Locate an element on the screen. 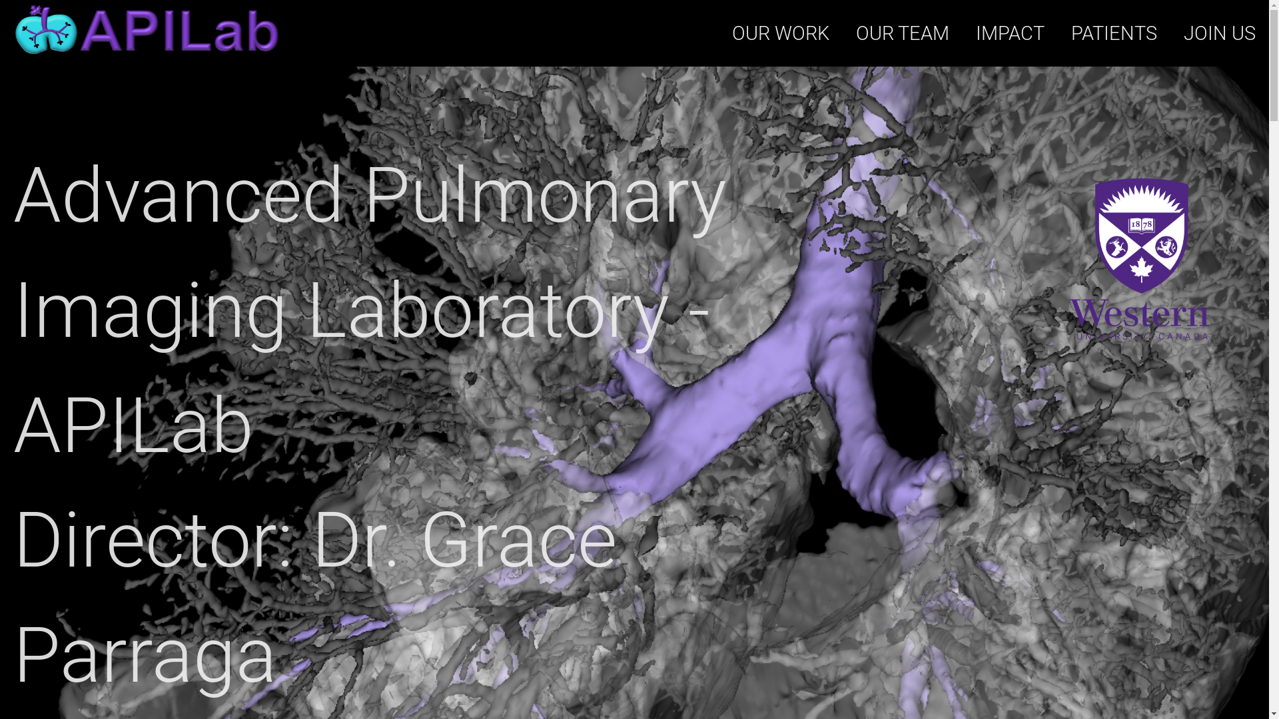 The image size is (1279, 719). 'PATIENTS' is located at coordinates (1114, 33).